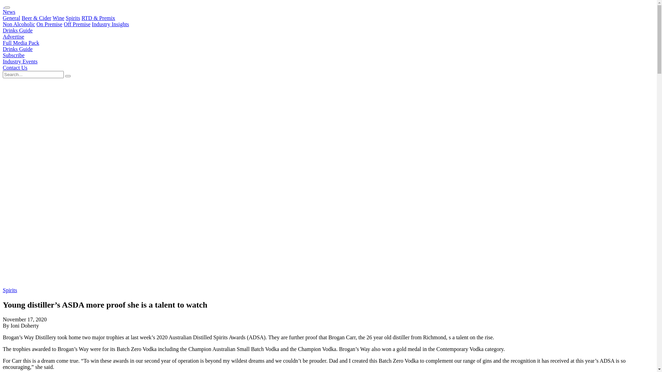  Describe the element at coordinates (3, 18) in the screenshot. I see `'General'` at that location.